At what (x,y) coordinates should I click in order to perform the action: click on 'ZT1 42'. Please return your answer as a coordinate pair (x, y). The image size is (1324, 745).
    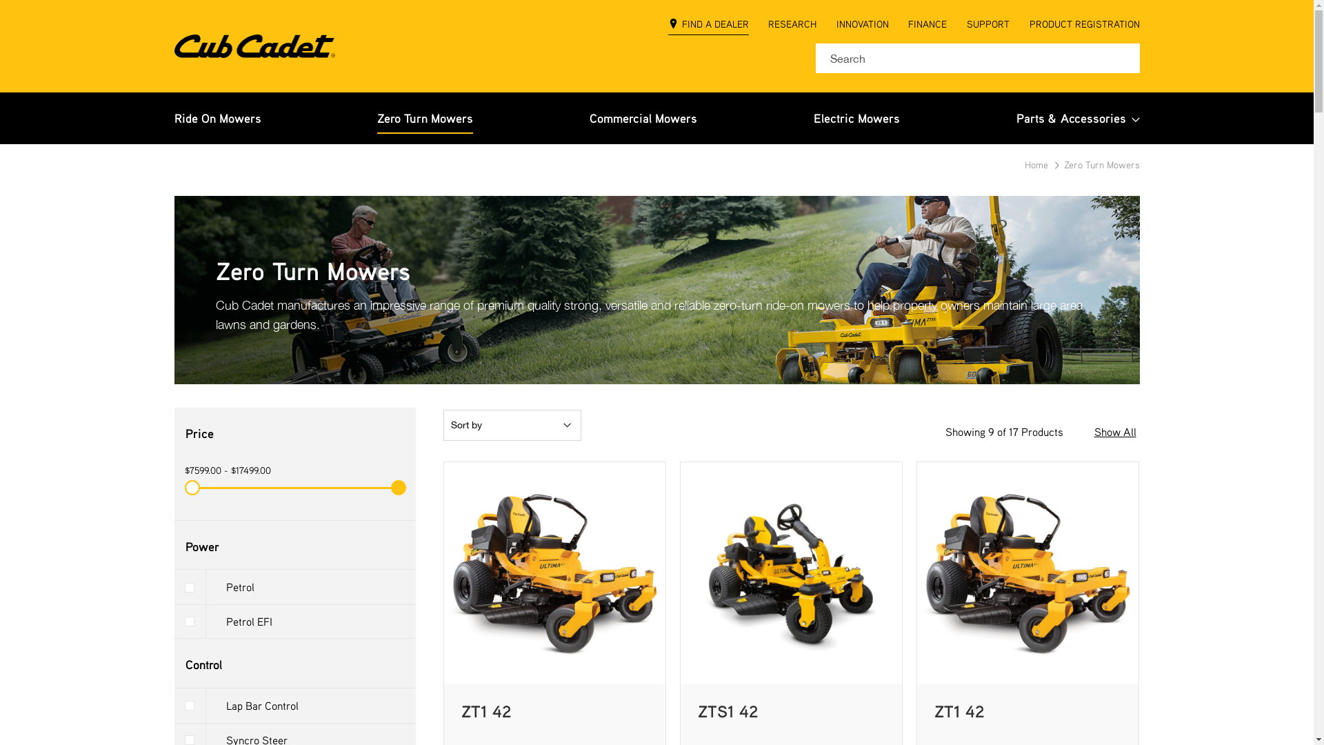
    Looking at the image, I should click on (959, 711).